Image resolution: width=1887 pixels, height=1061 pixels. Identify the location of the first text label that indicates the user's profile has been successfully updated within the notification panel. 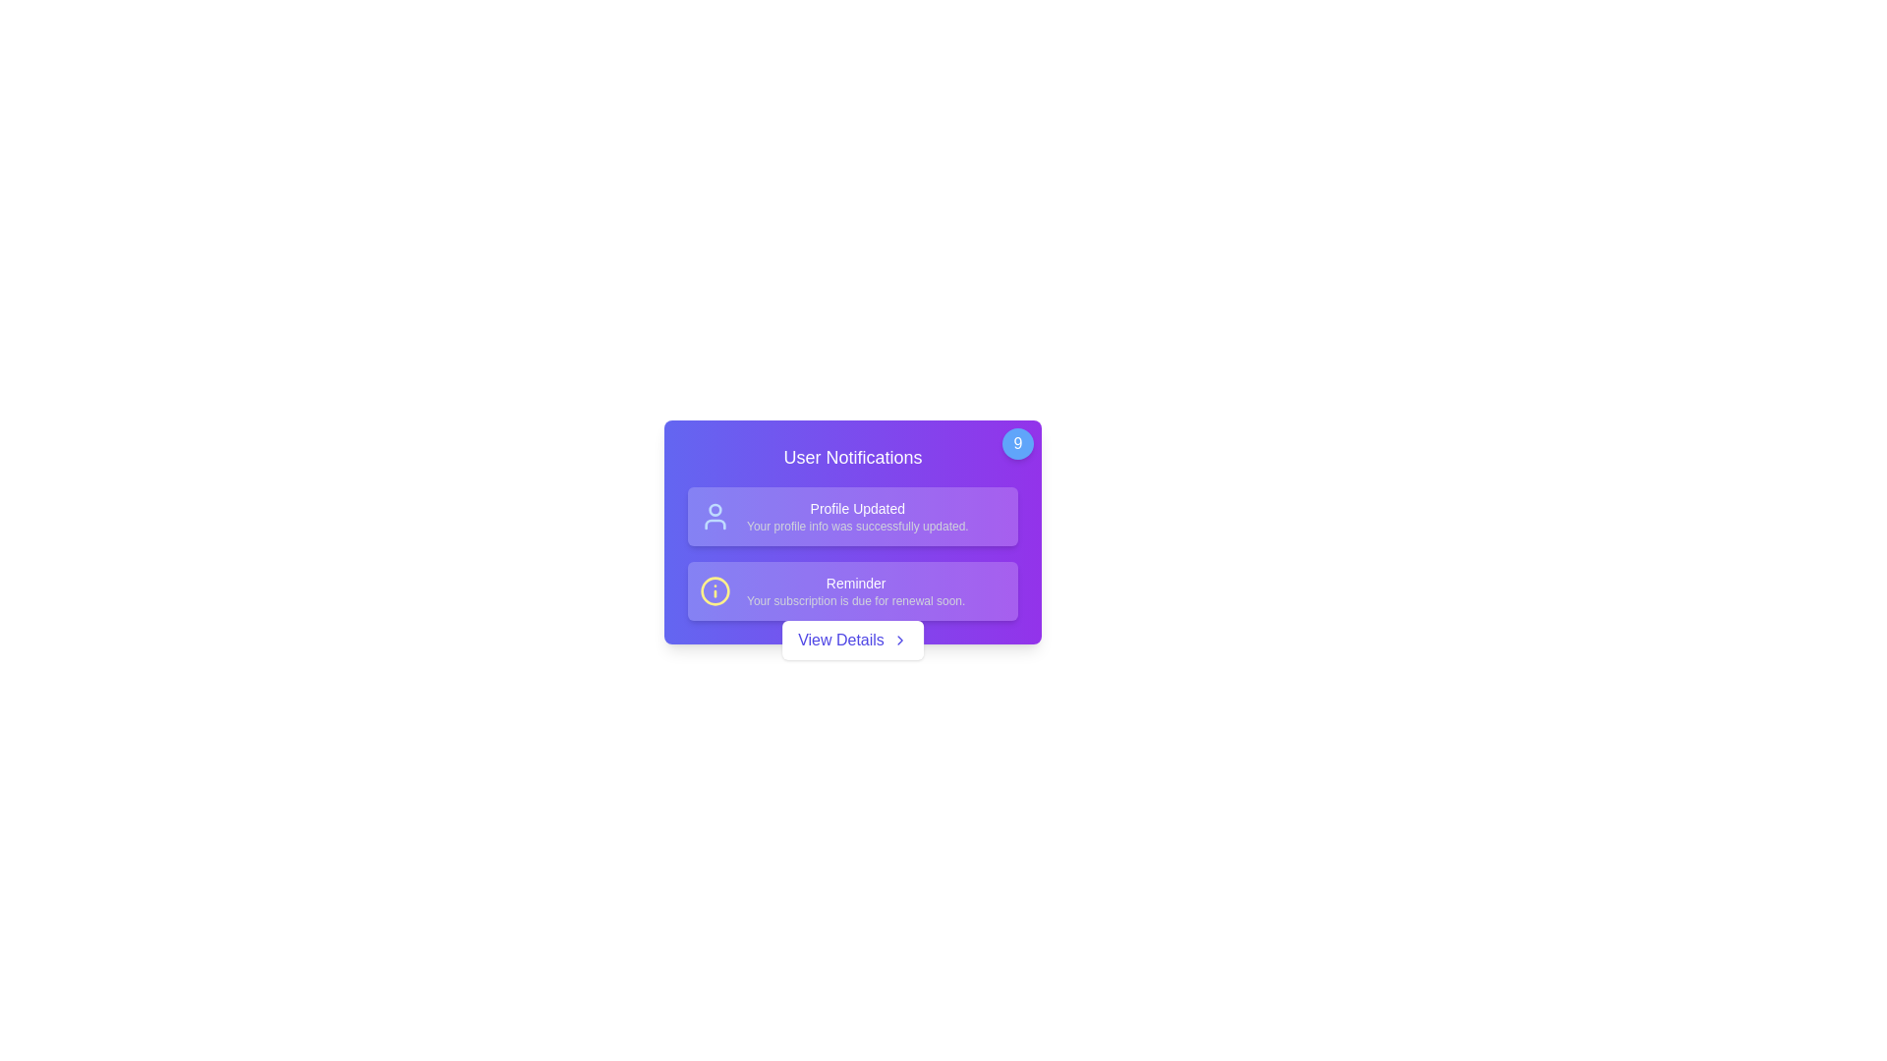
(857, 507).